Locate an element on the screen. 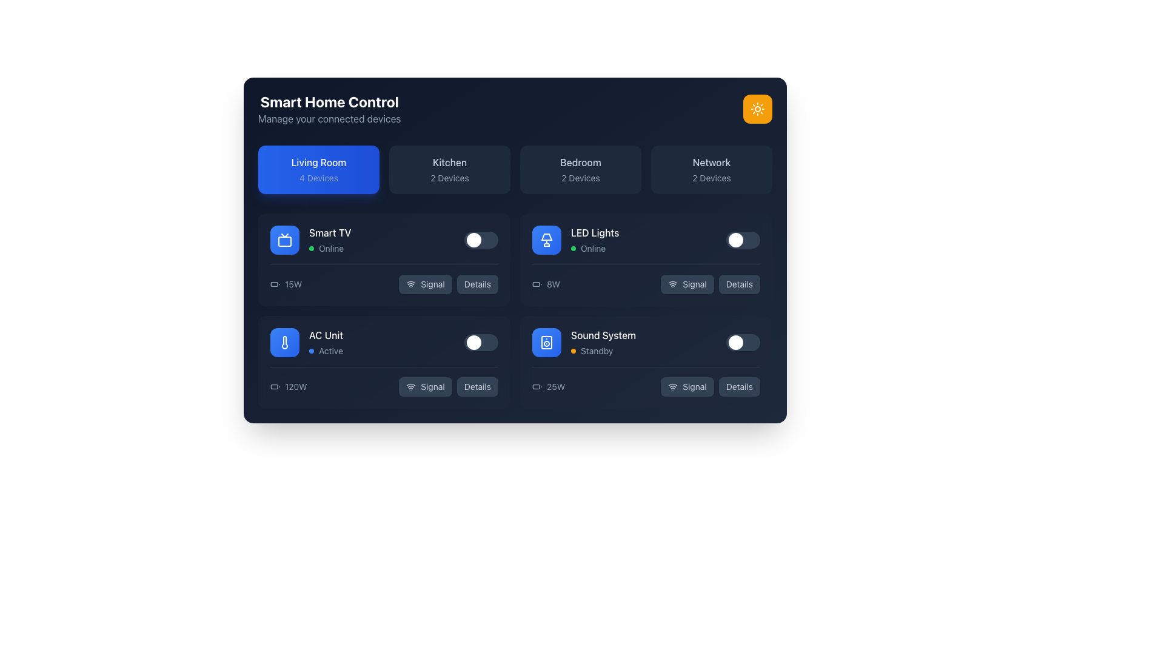 This screenshot has width=1164, height=655. the Device status tile for the 'Sound System' located in the living room section of the smart home control interface is located at coordinates (584, 342).